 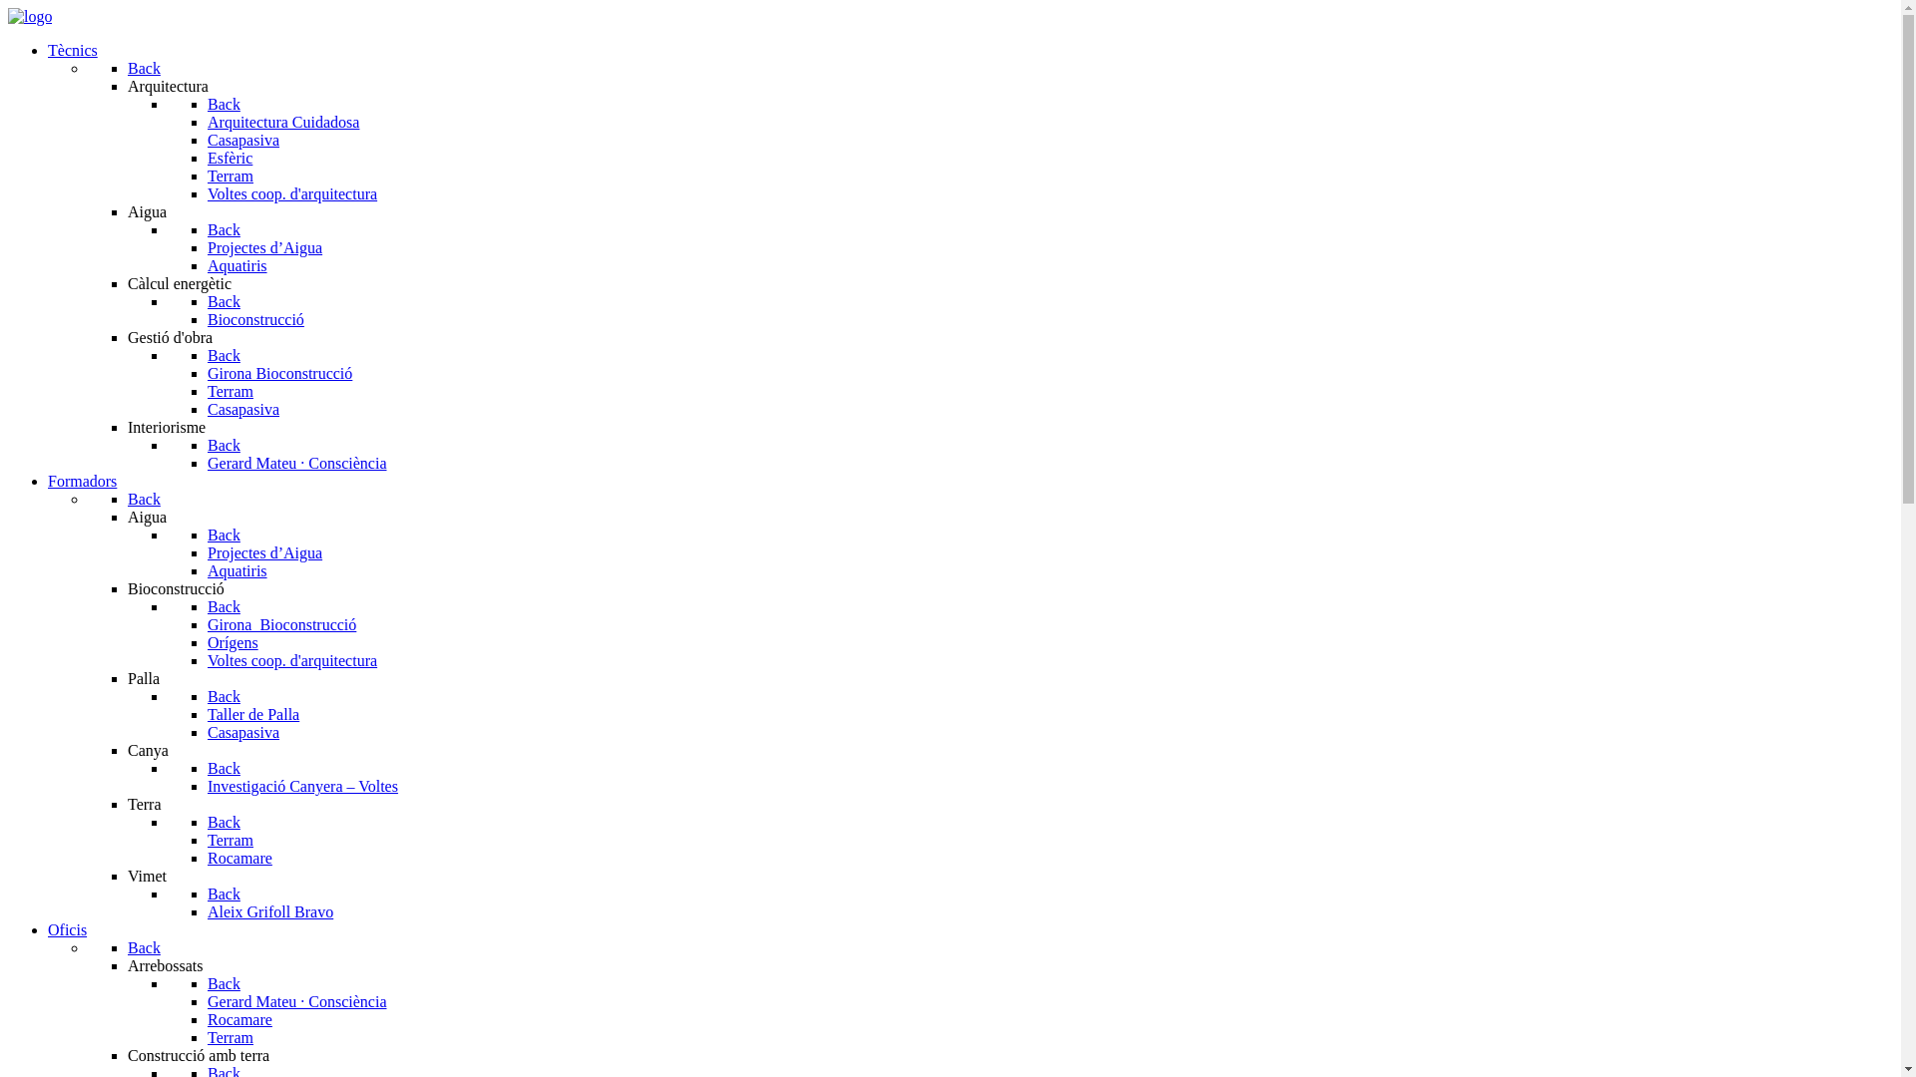 What do you see at coordinates (207, 104) in the screenshot?
I see `'Back'` at bounding box center [207, 104].